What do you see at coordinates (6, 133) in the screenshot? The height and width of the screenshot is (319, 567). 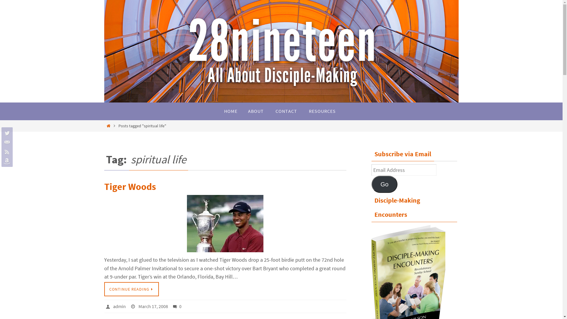 I see `'Follow me on Twitter'` at bounding box center [6, 133].